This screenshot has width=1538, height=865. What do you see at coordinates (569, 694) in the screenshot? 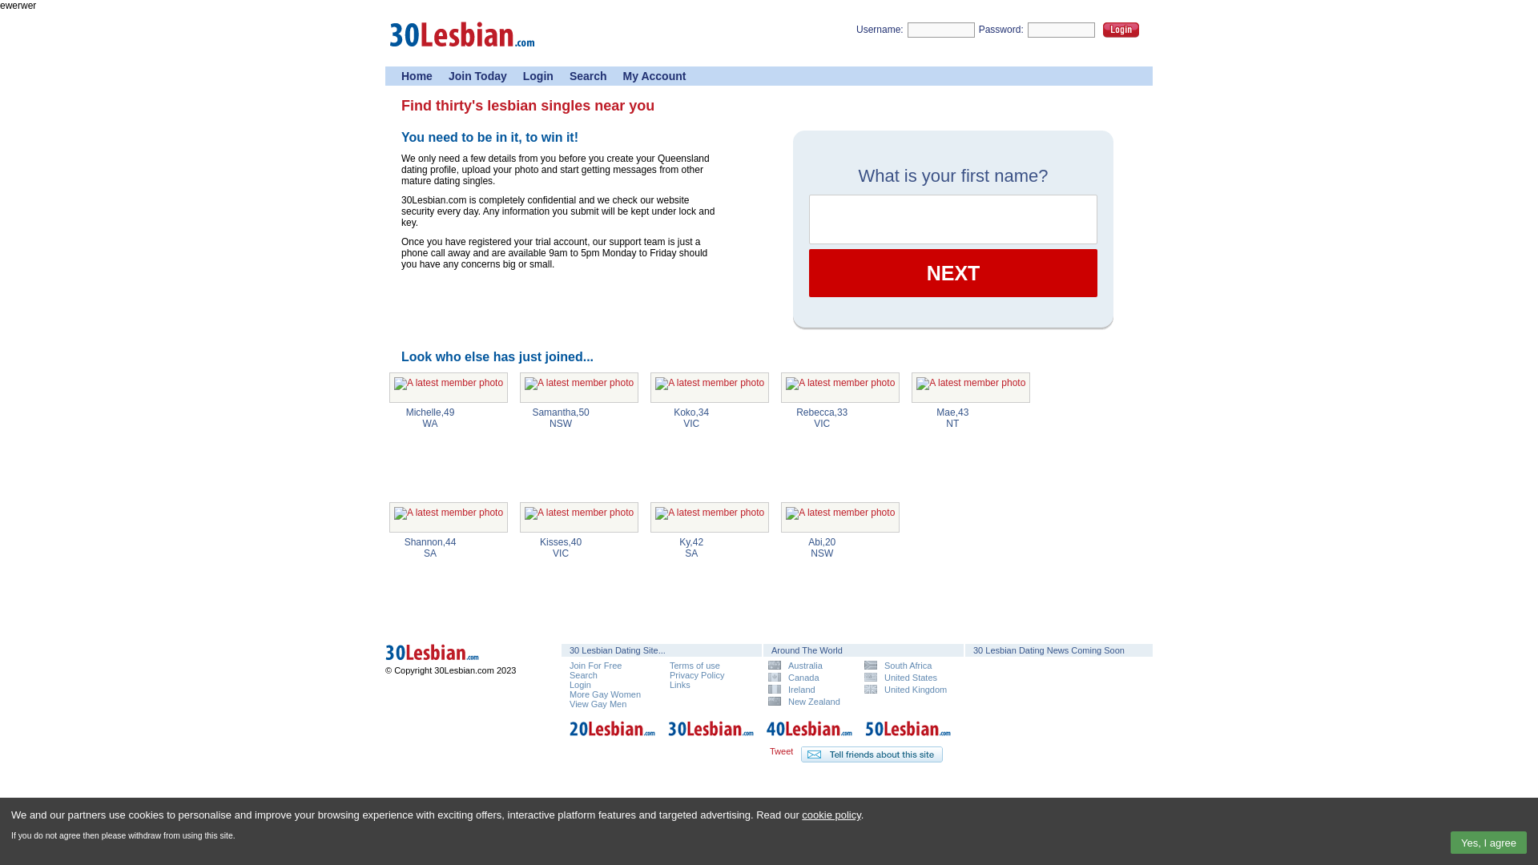
I see `'More Gay Women'` at bounding box center [569, 694].